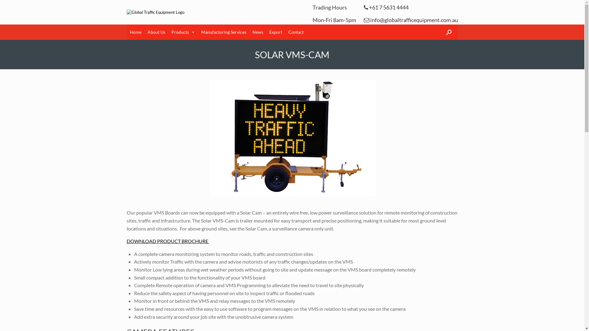  What do you see at coordinates (275, 32) in the screenshot?
I see `'Export'` at bounding box center [275, 32].